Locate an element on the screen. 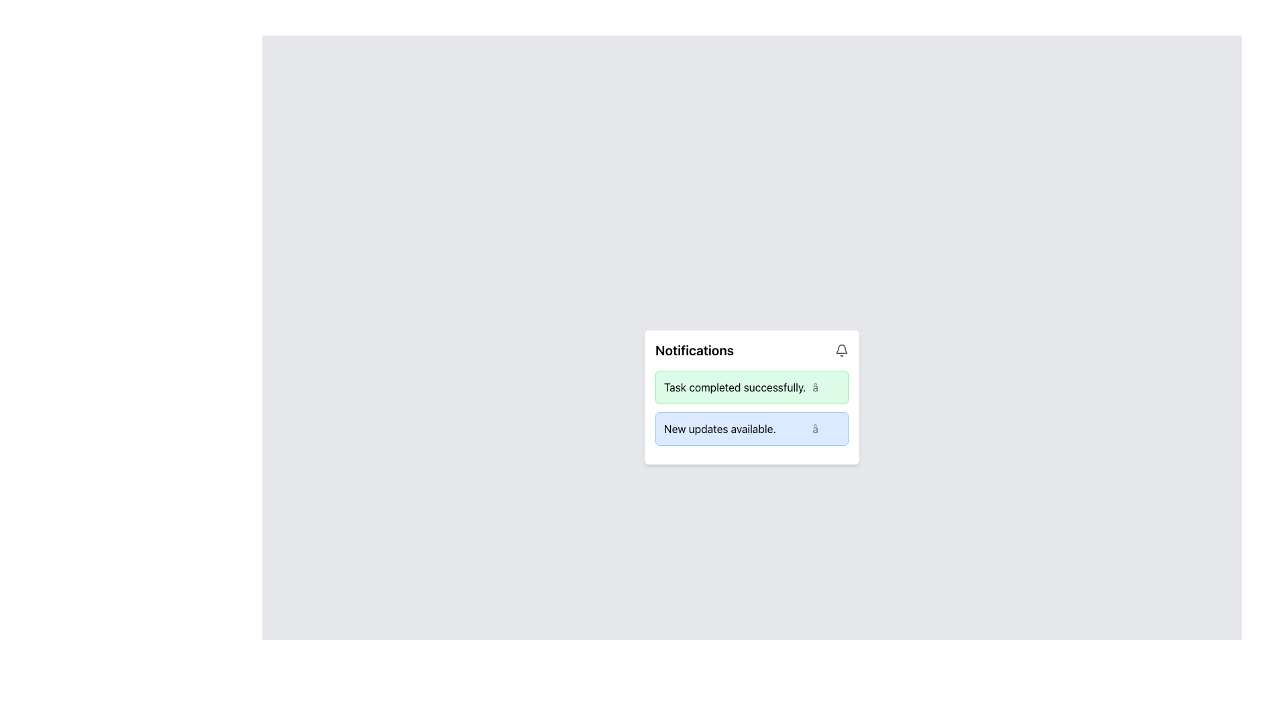 Image resolution: width=1288 pixels, height=724 pixels. the Text Label that identifies the notifications section, located at the upper section of the notification card, positioned leftmost among its siblings, next to a bell icon is located at coordinates (694, 350).